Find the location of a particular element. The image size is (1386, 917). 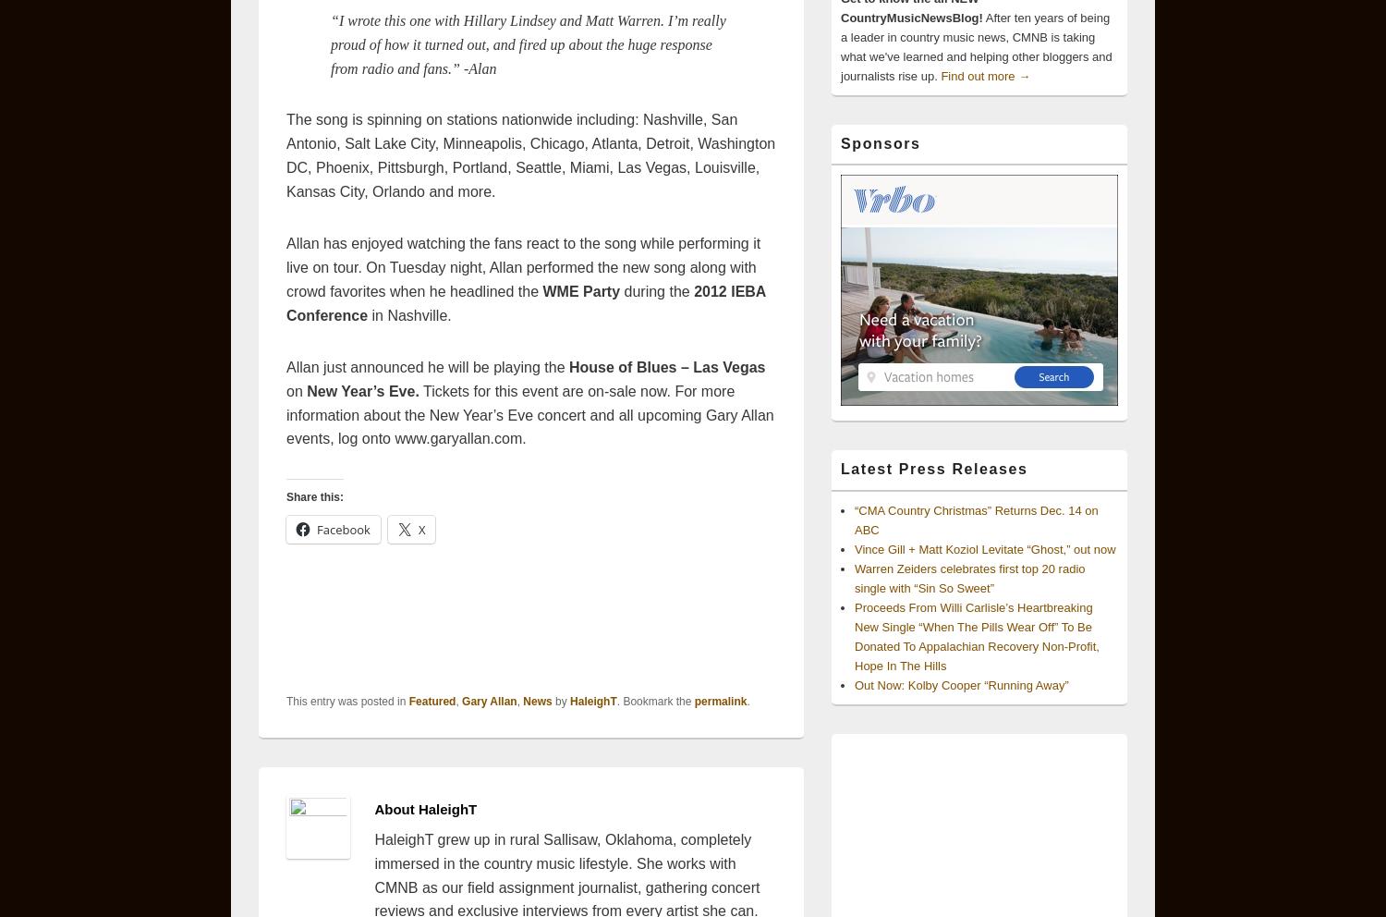

'News' is located at coordinates (521, 699).